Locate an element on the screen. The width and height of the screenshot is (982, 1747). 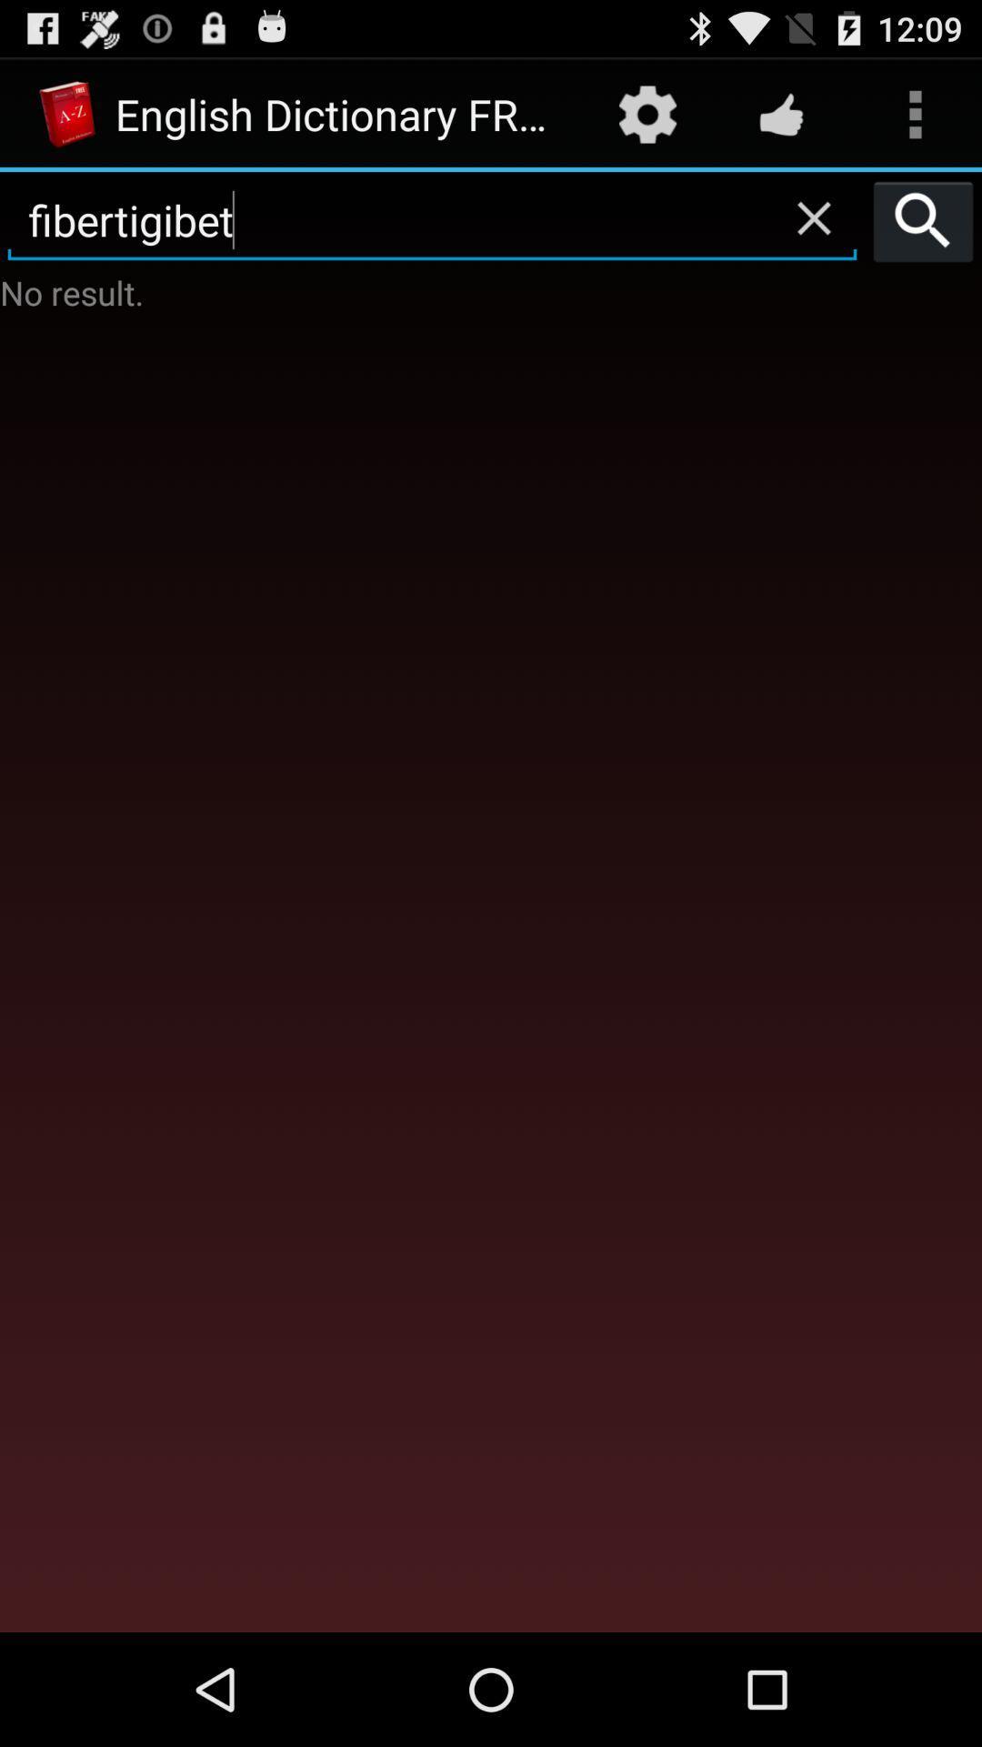
the close icon is located at coordinates (813, 232).